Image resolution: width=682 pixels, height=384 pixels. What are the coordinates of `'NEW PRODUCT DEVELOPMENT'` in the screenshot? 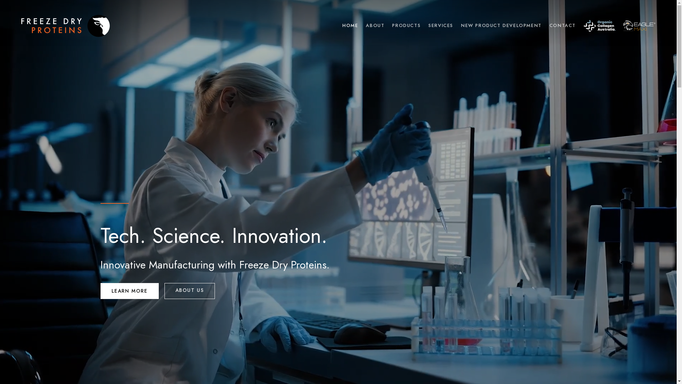 It's located at (501, 25).